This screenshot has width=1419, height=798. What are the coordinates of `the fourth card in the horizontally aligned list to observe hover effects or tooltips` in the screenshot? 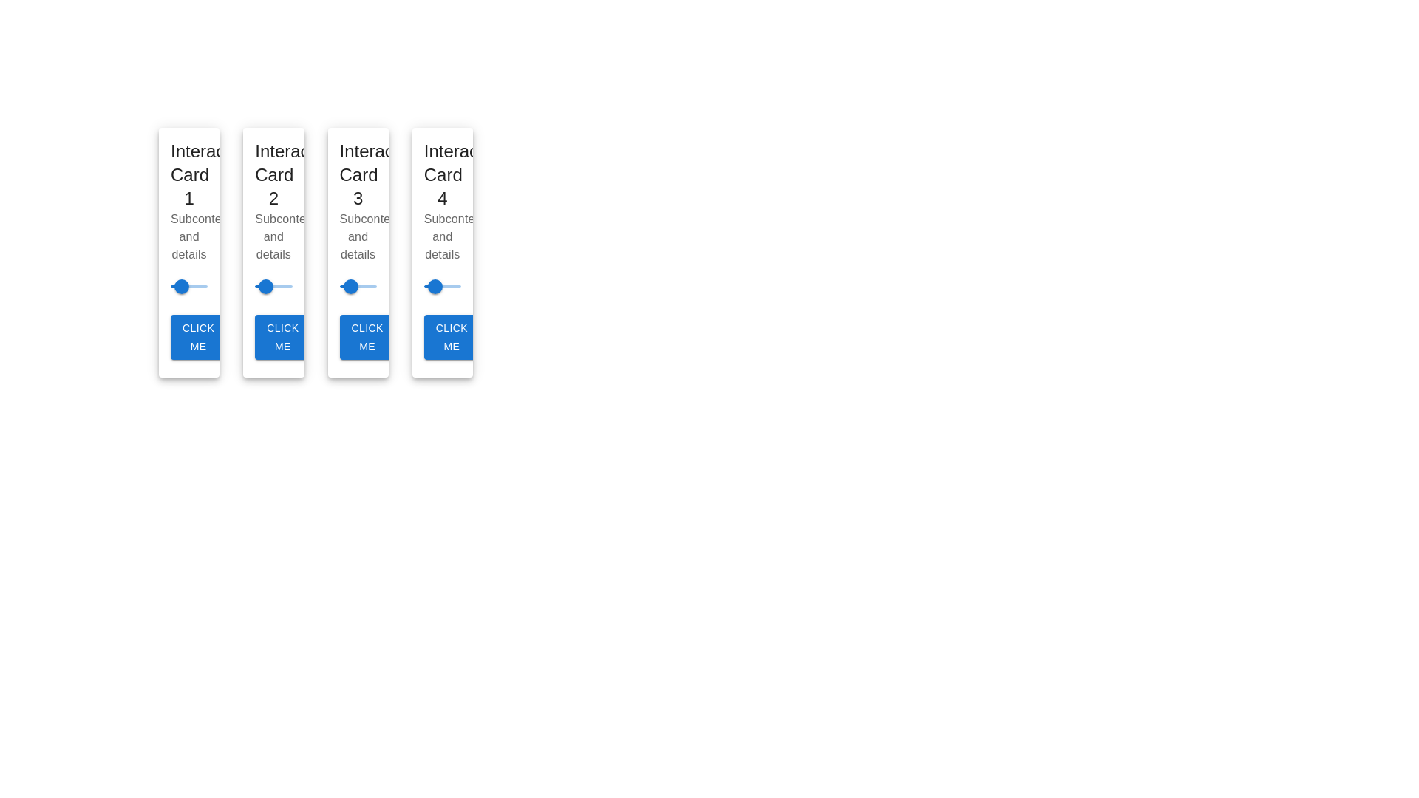 It's located at (429, 240).